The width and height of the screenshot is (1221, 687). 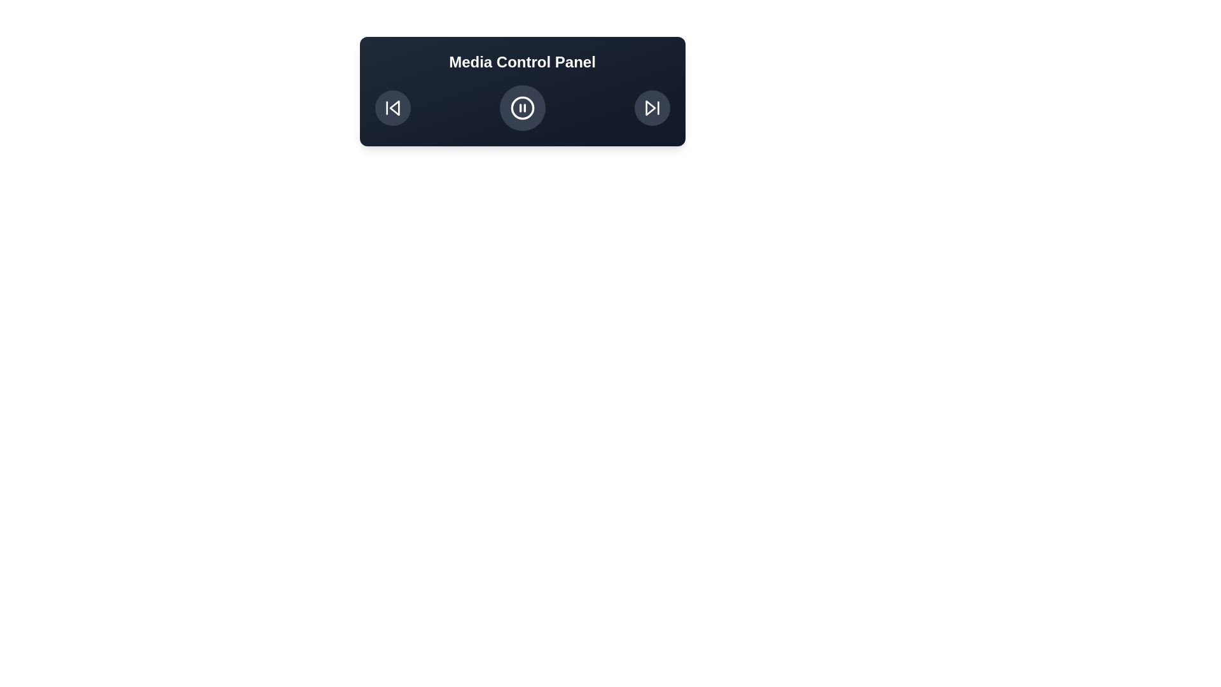 What do you see at coordinates (652, 107) in the screenshot?
I see `the circular gray button with a 'Next Track' icon (double arrow pointing right) to skip to the next track` at bounding box center [652, 107].